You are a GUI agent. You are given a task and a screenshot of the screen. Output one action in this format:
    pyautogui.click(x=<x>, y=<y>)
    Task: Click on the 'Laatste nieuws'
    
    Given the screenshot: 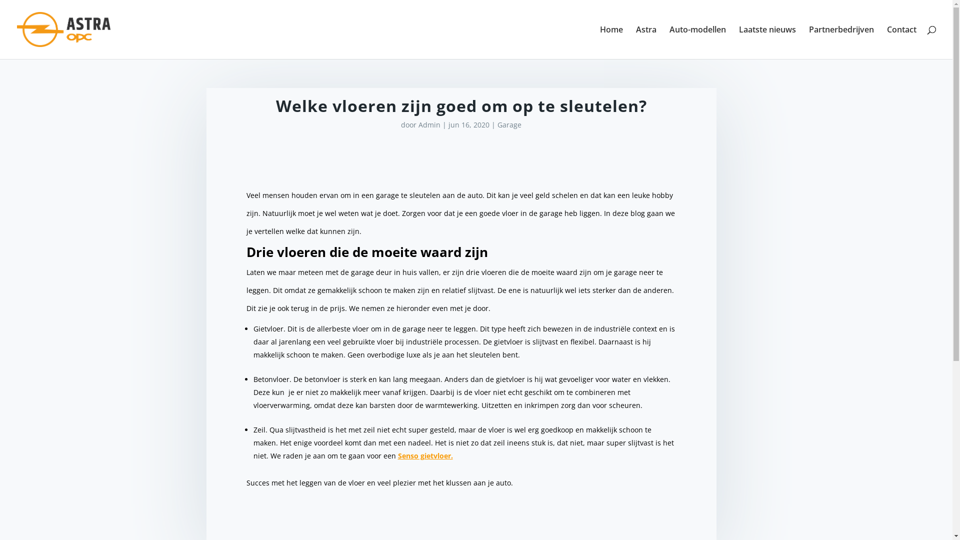 What is the action you would take?
    pyautogui.click(x=767, y=41)
    